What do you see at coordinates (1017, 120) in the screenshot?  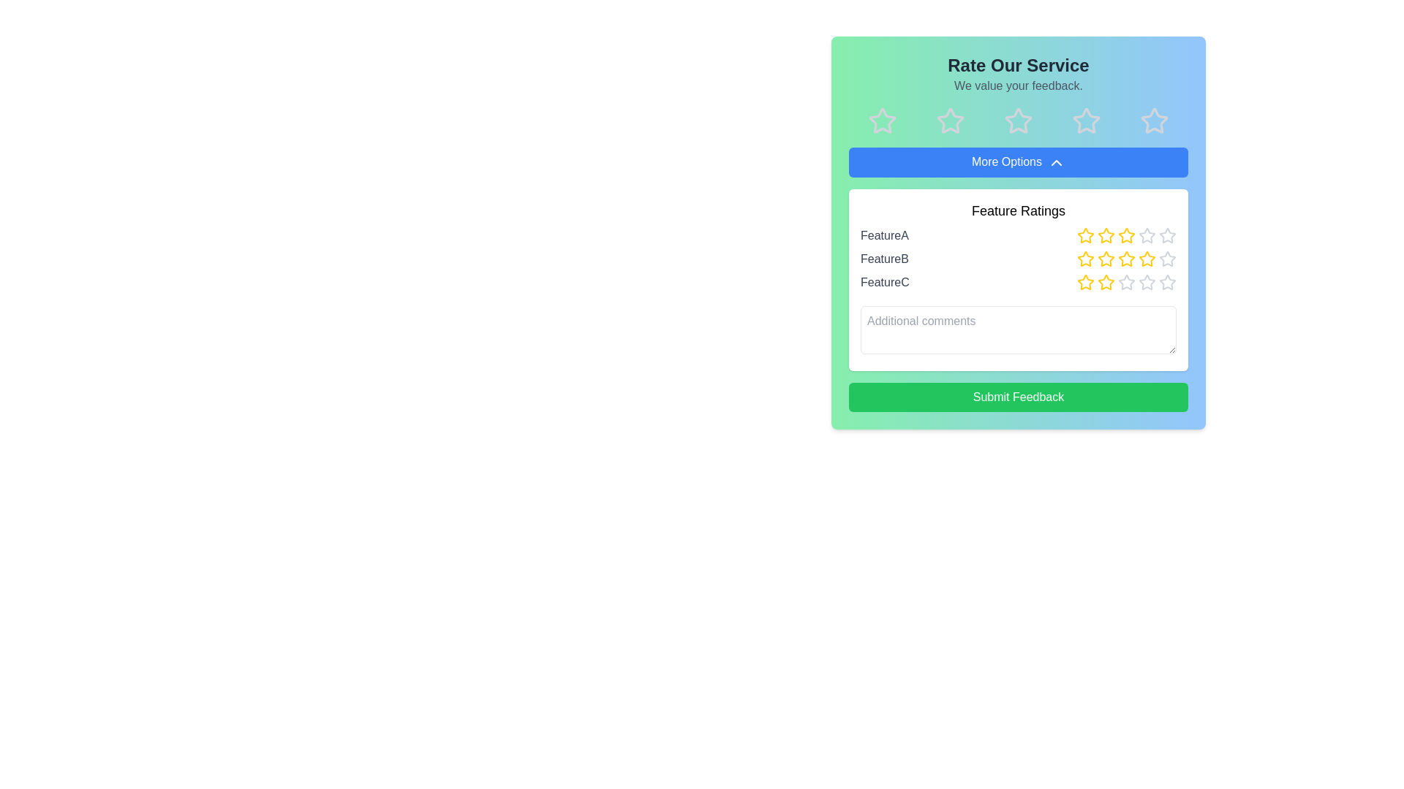 I see `the fourth star-shaped rating icon with a hollow interior and outlined borders, which is grayish in color` at bounding box center [1017, 120].